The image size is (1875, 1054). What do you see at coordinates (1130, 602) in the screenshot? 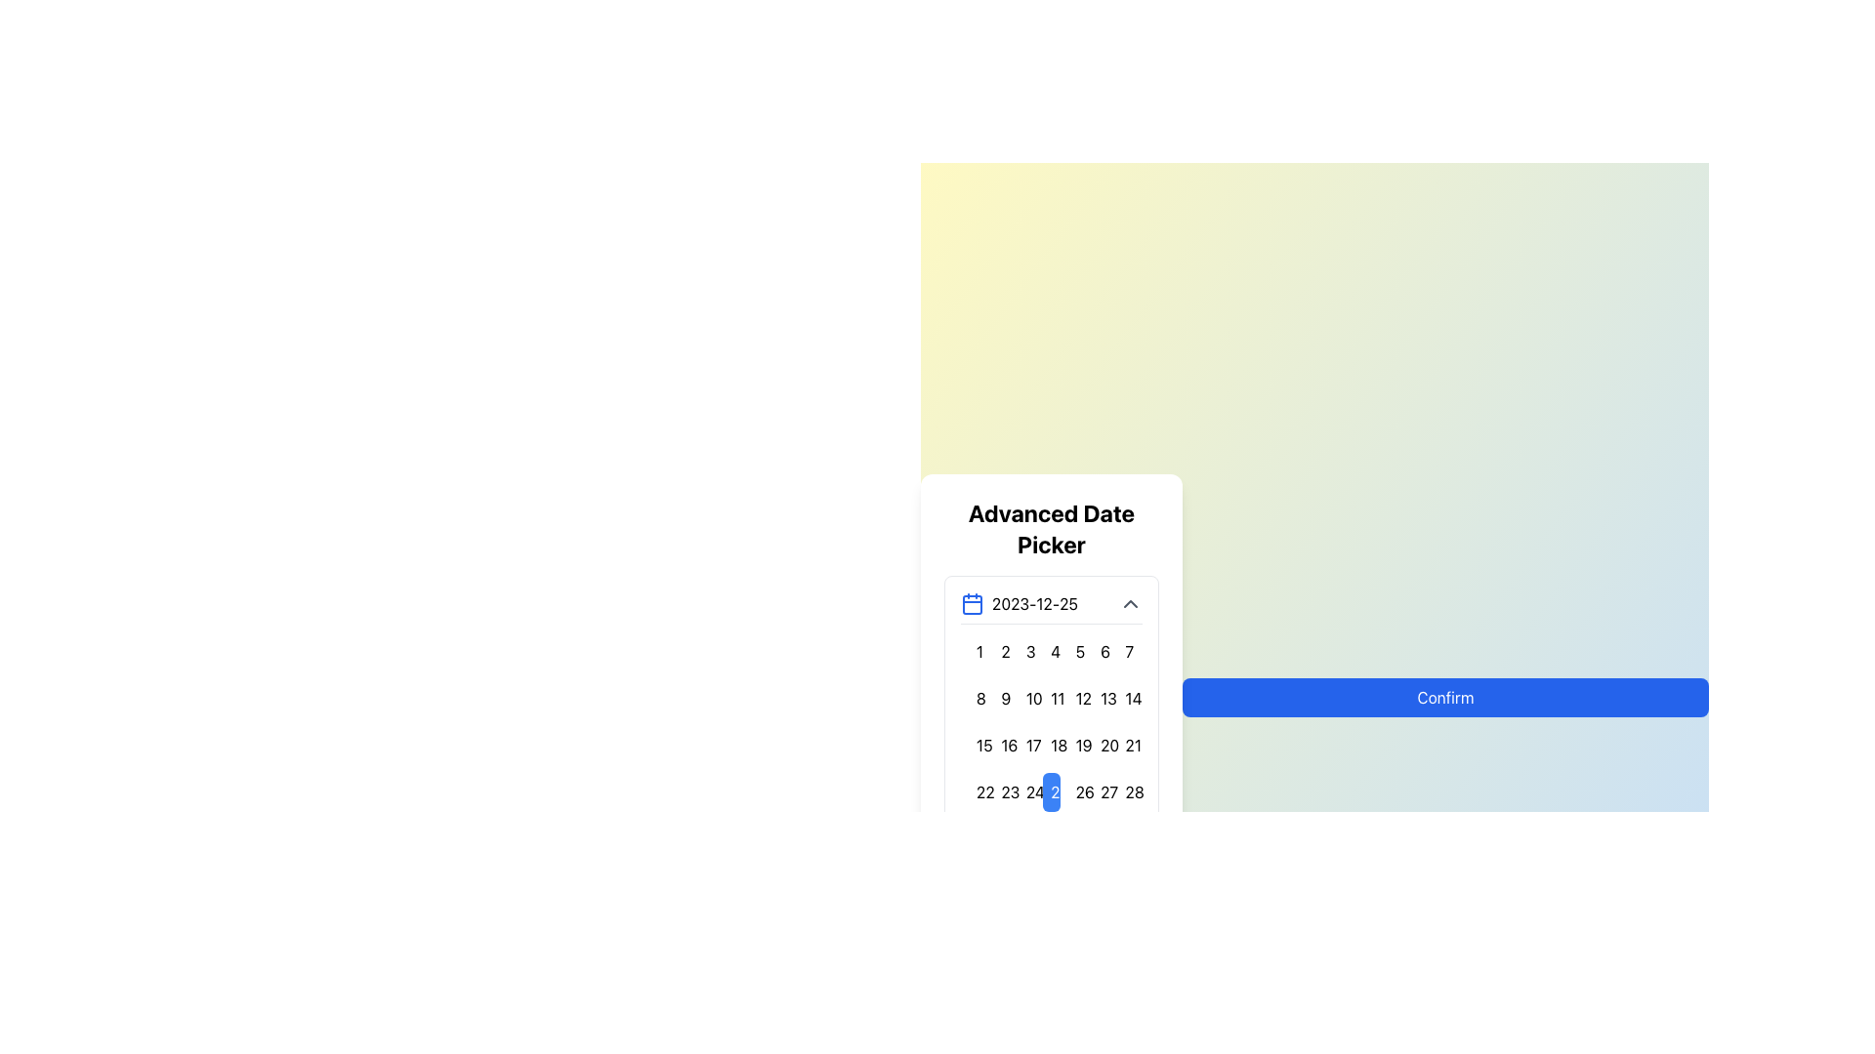
I see `the small gray upward chevron icon located in the top-right corner of the date selector field, to the immediate right of the displayed date '2023-12-25', to interact with the date picker` at bounding box center [1130, 602].